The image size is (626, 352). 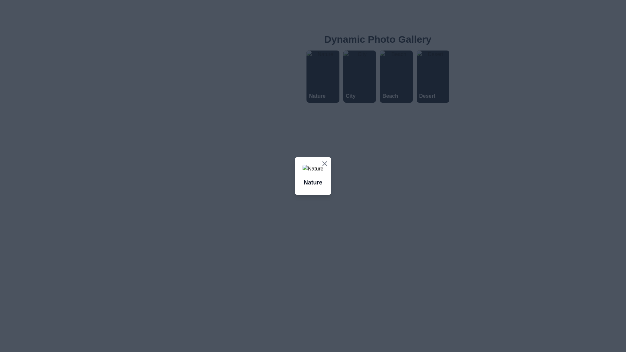 I want to click on the 'Beach' category cell, so click(x=378, y=76).